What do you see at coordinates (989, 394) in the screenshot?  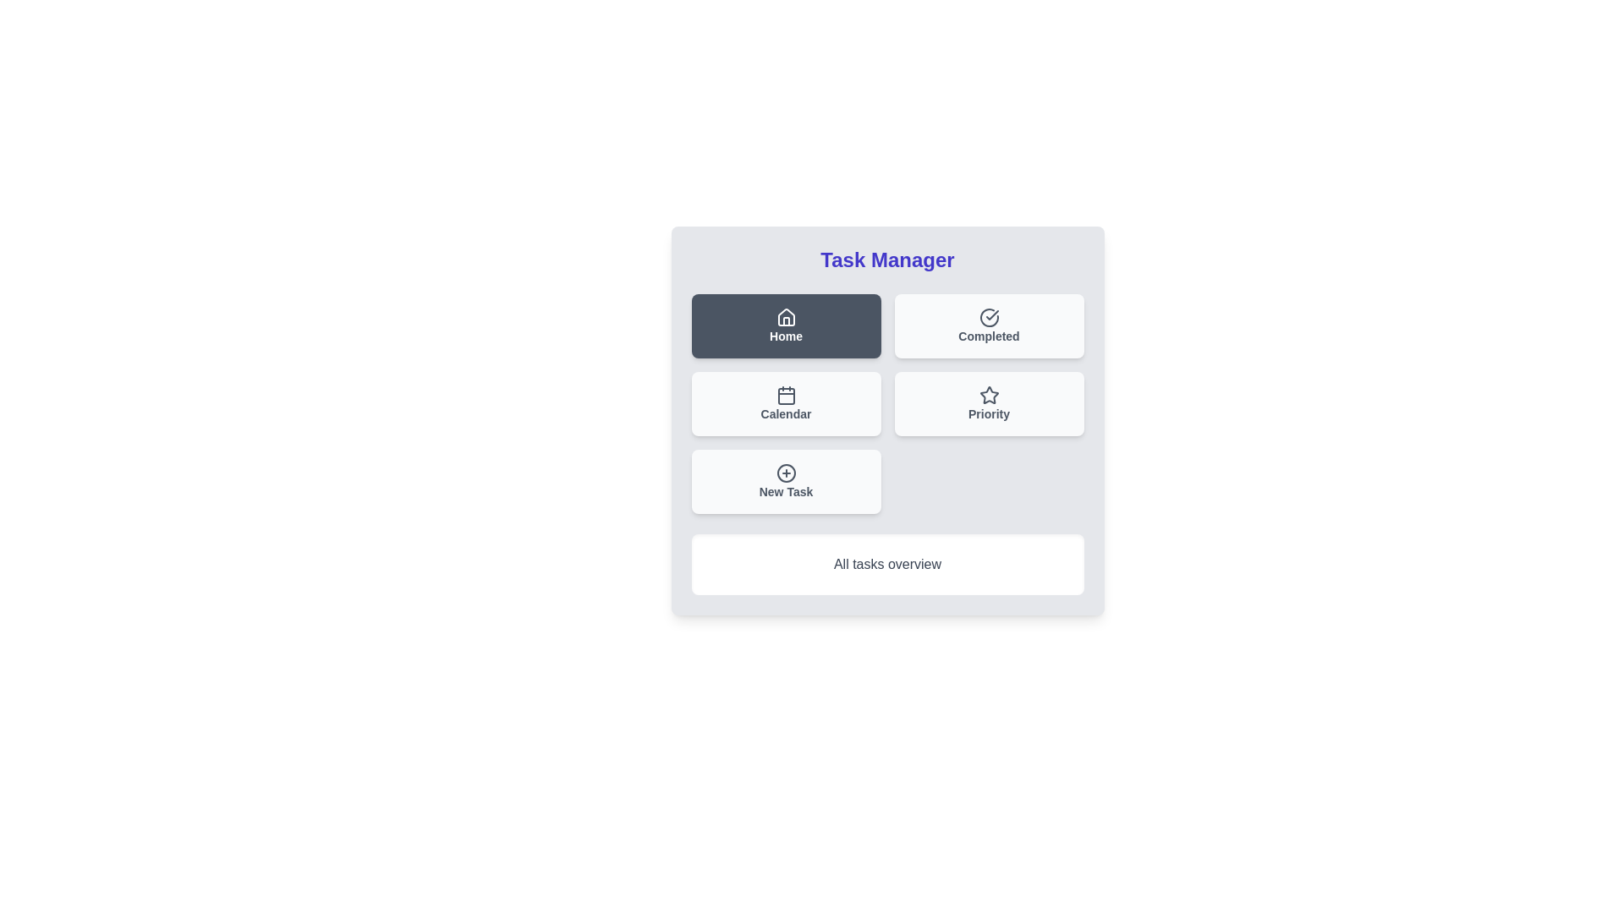 I see `the star-shaped icon with a hollow center, located within the 'Priority' button in the Task Manager UI` at bounding box center [989, 394].